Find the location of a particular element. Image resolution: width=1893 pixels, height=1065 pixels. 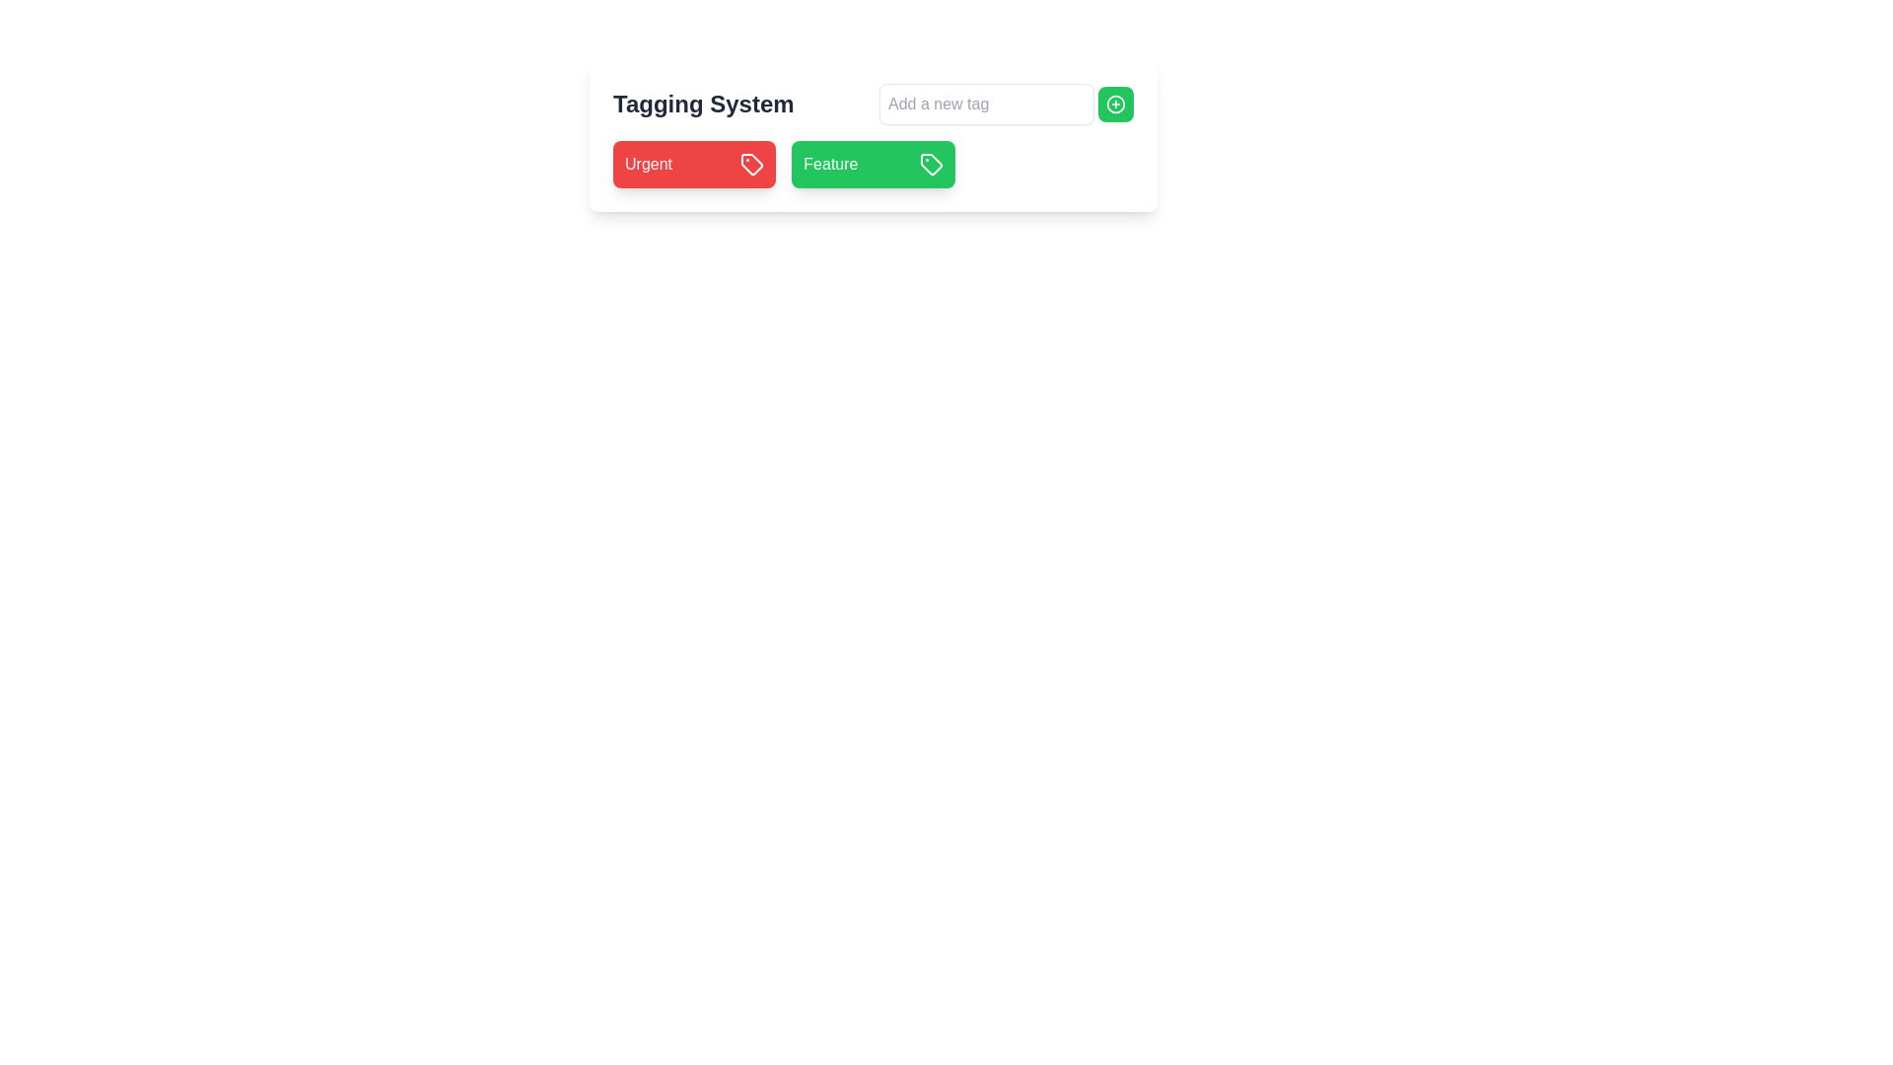

the tag labeled Feature is located at coordinates (829, 163).